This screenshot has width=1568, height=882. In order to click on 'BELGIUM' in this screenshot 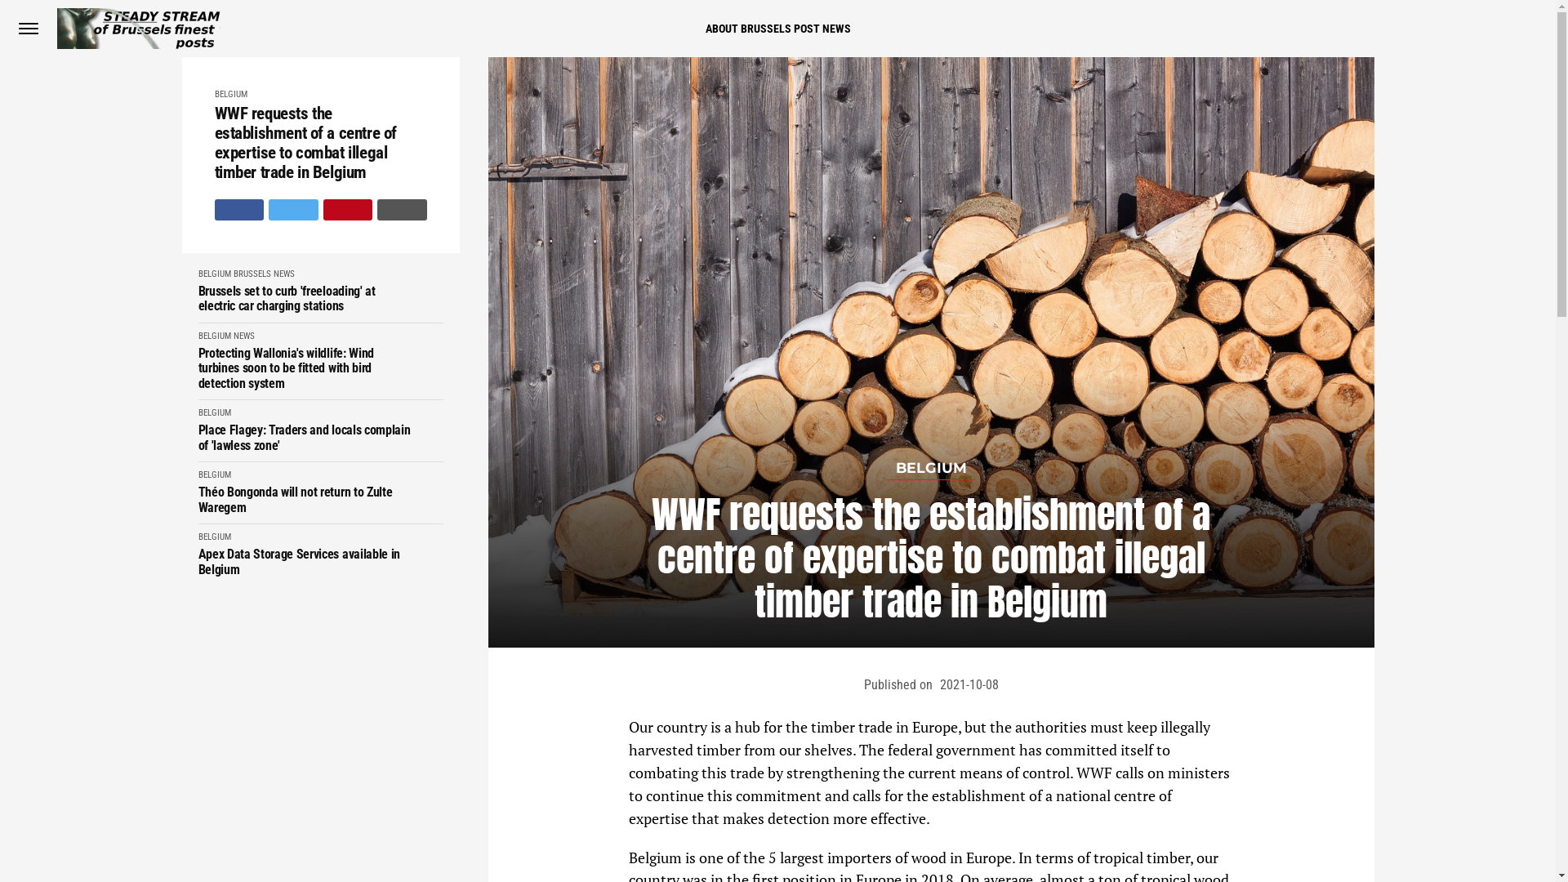, I will do `click(196, 412)`.